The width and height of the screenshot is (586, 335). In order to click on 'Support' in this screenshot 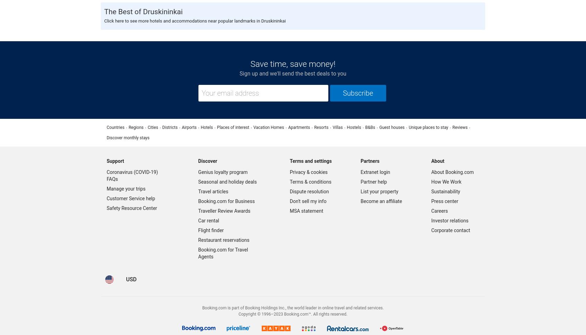, I will do `click(115, 160)`.